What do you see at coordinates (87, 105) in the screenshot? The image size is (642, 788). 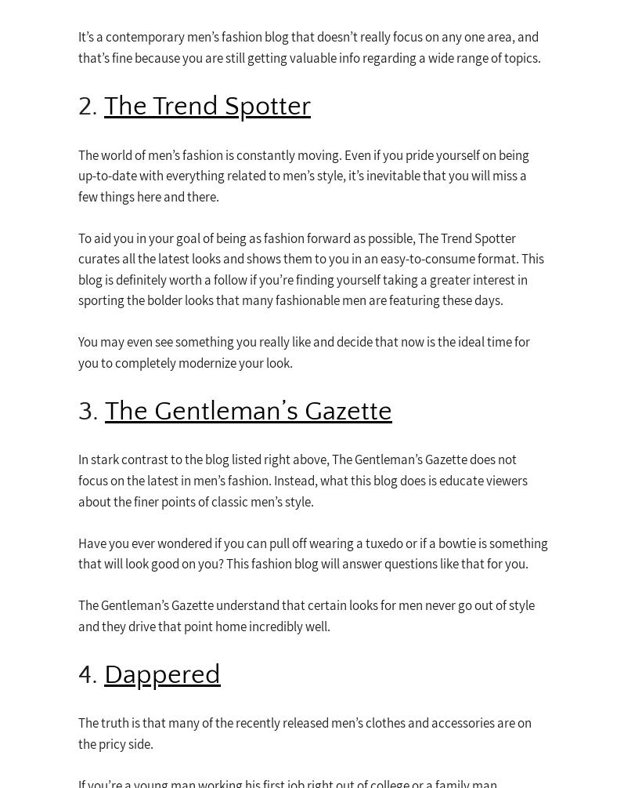 I see `'2.'` at bounding box center [87, 105].